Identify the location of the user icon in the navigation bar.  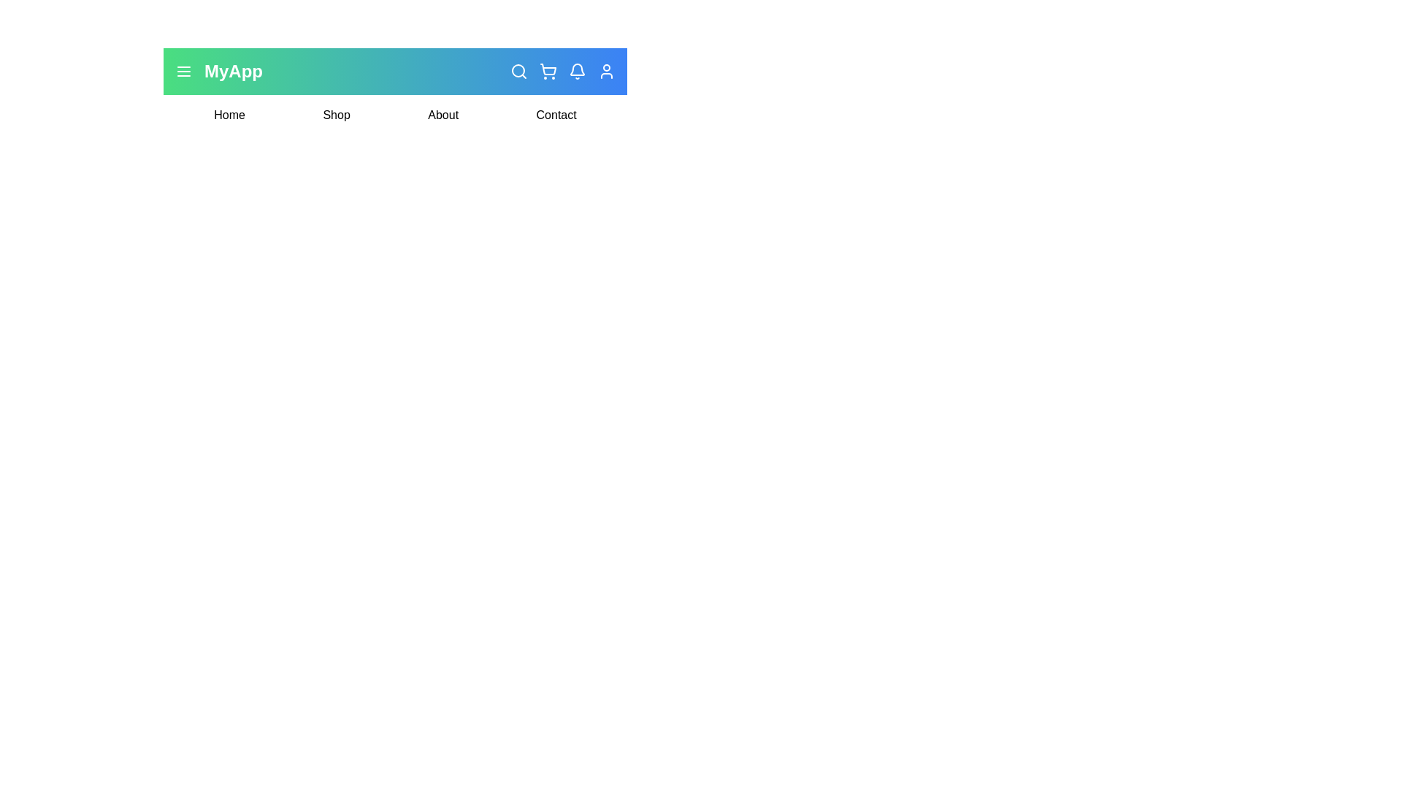
(606, 71).